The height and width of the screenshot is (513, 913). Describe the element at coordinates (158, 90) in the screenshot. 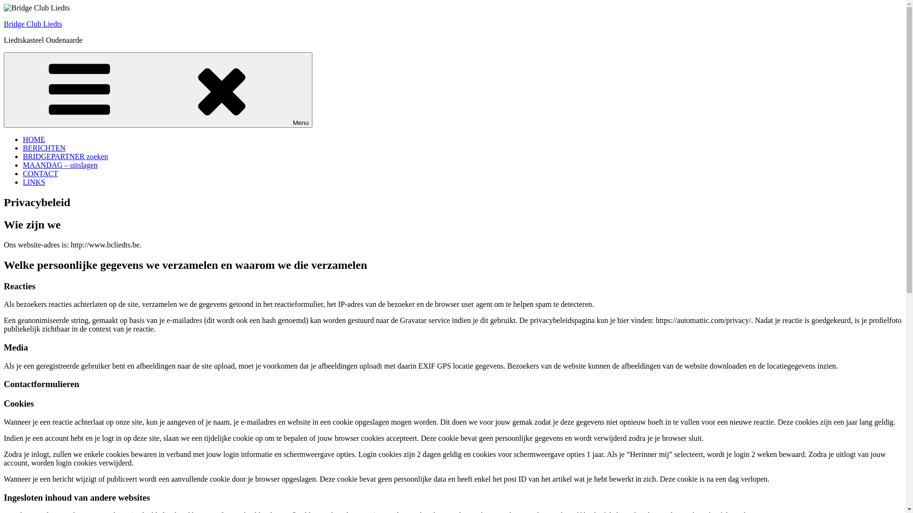

I see `'Menu'` at that location.